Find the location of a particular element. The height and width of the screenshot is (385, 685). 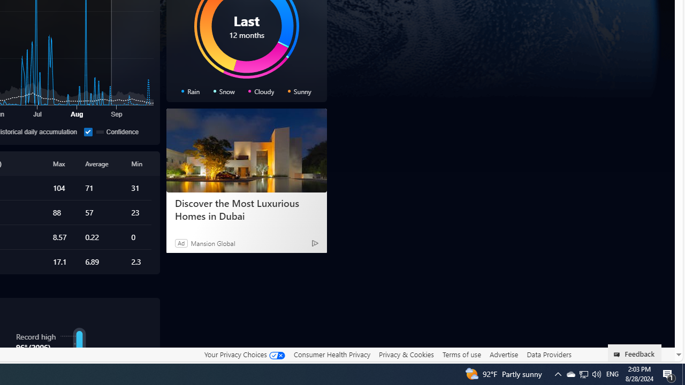

'Confidence' is located at coordinates (88, 131).